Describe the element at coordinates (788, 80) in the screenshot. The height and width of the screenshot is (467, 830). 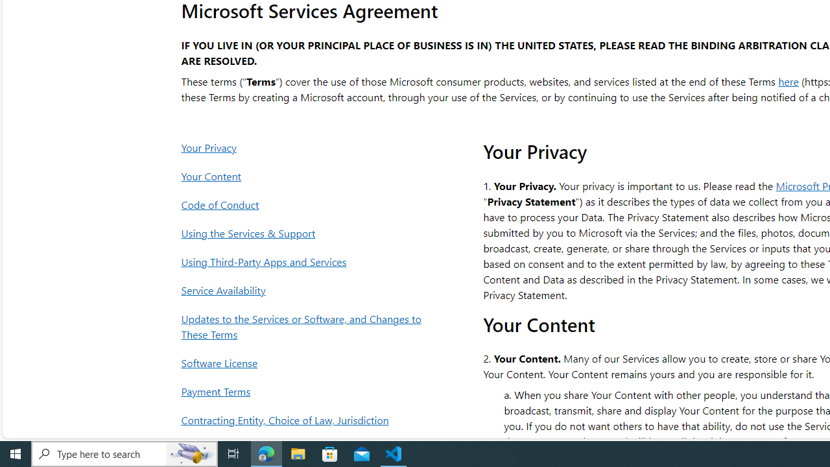
I see `'here'` at that location.